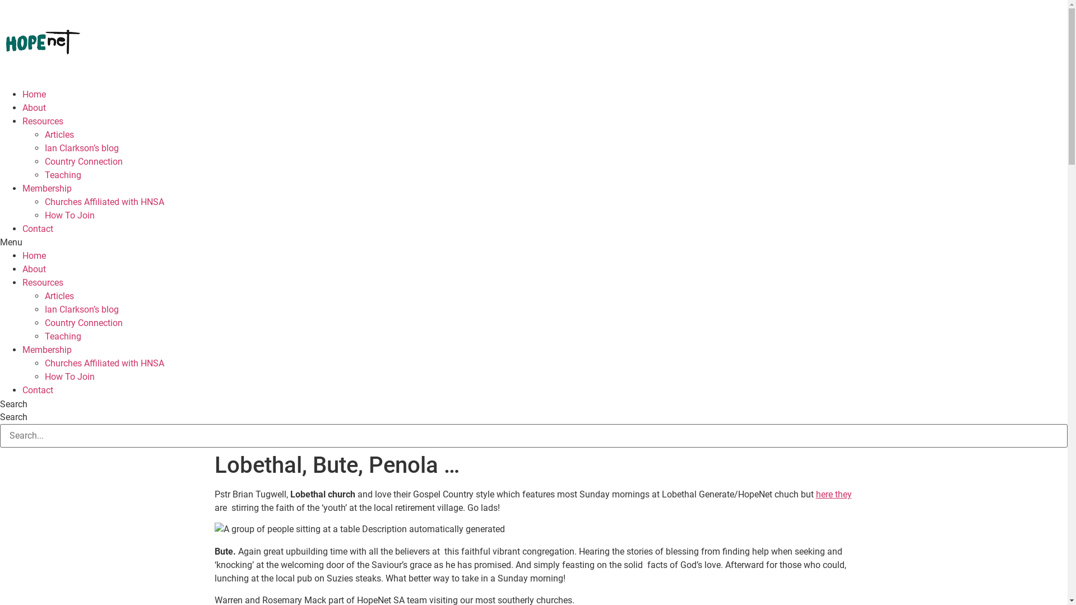 This screenshot has width=1076, height=605. What do you see at coordinates (69, 215) in the screenshot?
I see `'How To Join'` at bounding box center [69, 215].